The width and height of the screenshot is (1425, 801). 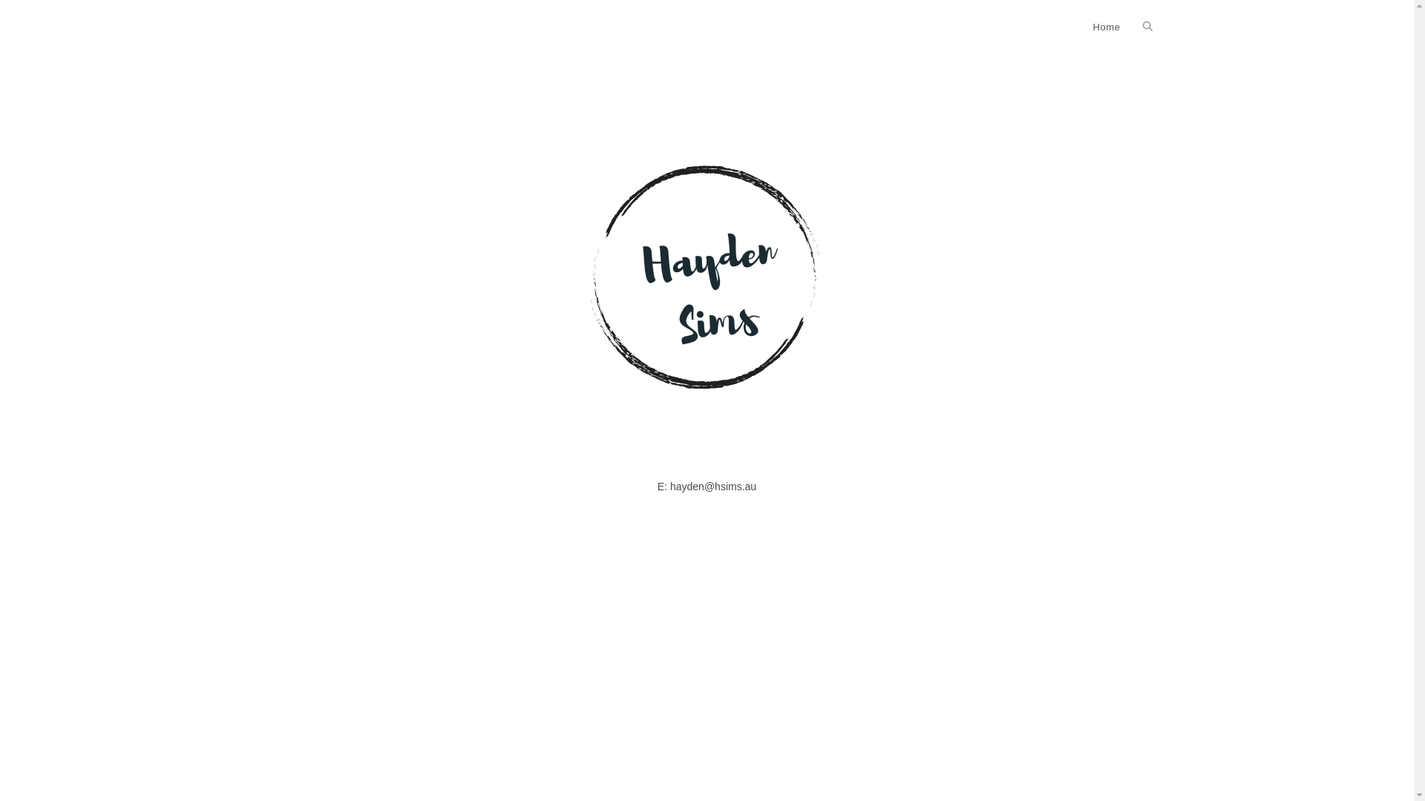 What do you see at coordinates (1106, 27) in the screenshot?
I see `'Home'` at bounding box center [1106, 27].